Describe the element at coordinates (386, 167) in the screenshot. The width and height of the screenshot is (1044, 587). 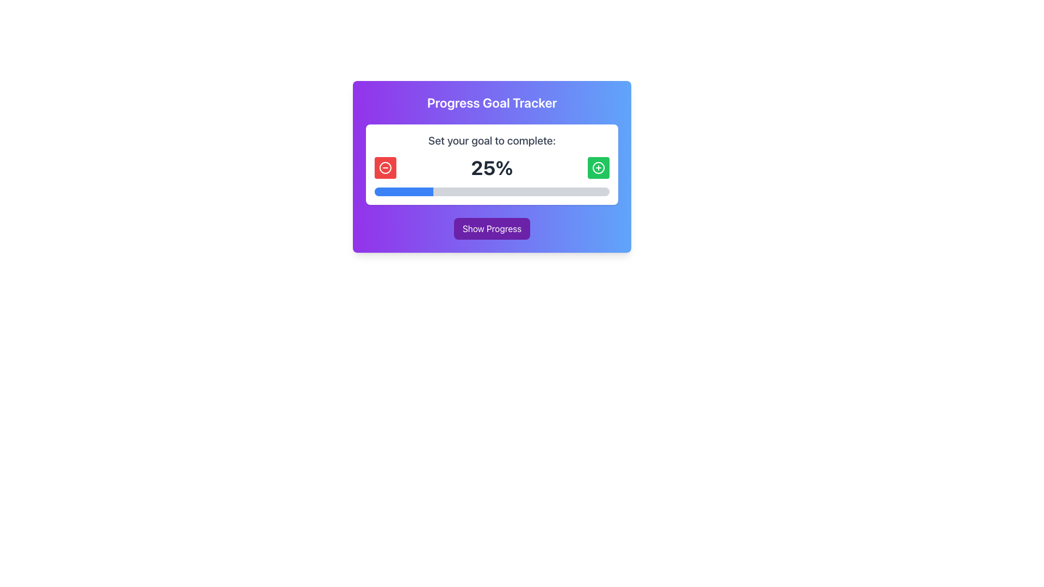
I see `the circular red button with a white minus icon located to the left of the '25%' text in the progress tracker card to decrease the progress` at that location.